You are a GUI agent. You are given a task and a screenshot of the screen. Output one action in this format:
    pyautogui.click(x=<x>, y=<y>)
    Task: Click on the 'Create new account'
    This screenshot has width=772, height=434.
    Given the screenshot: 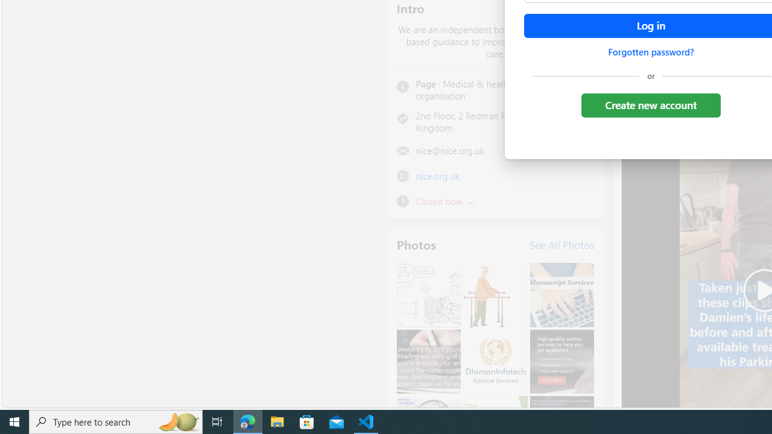 What is the action you would take?
    pyautogui.click(x=650, y=104)
    